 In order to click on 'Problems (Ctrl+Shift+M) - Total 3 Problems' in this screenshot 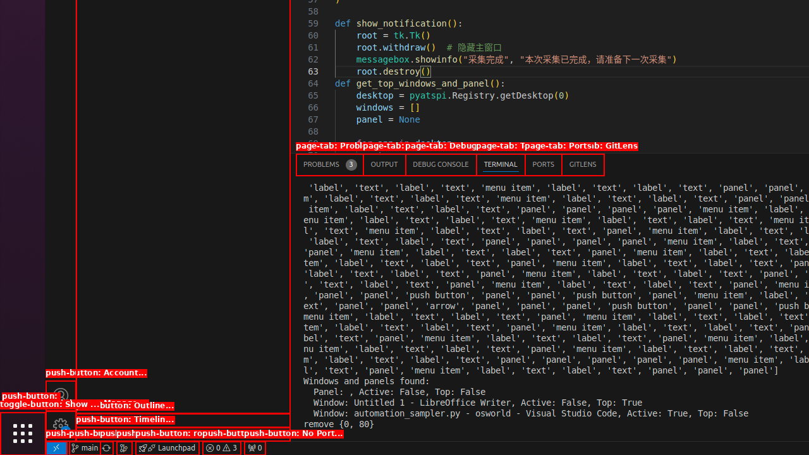, I will do `click(329, 164)`.